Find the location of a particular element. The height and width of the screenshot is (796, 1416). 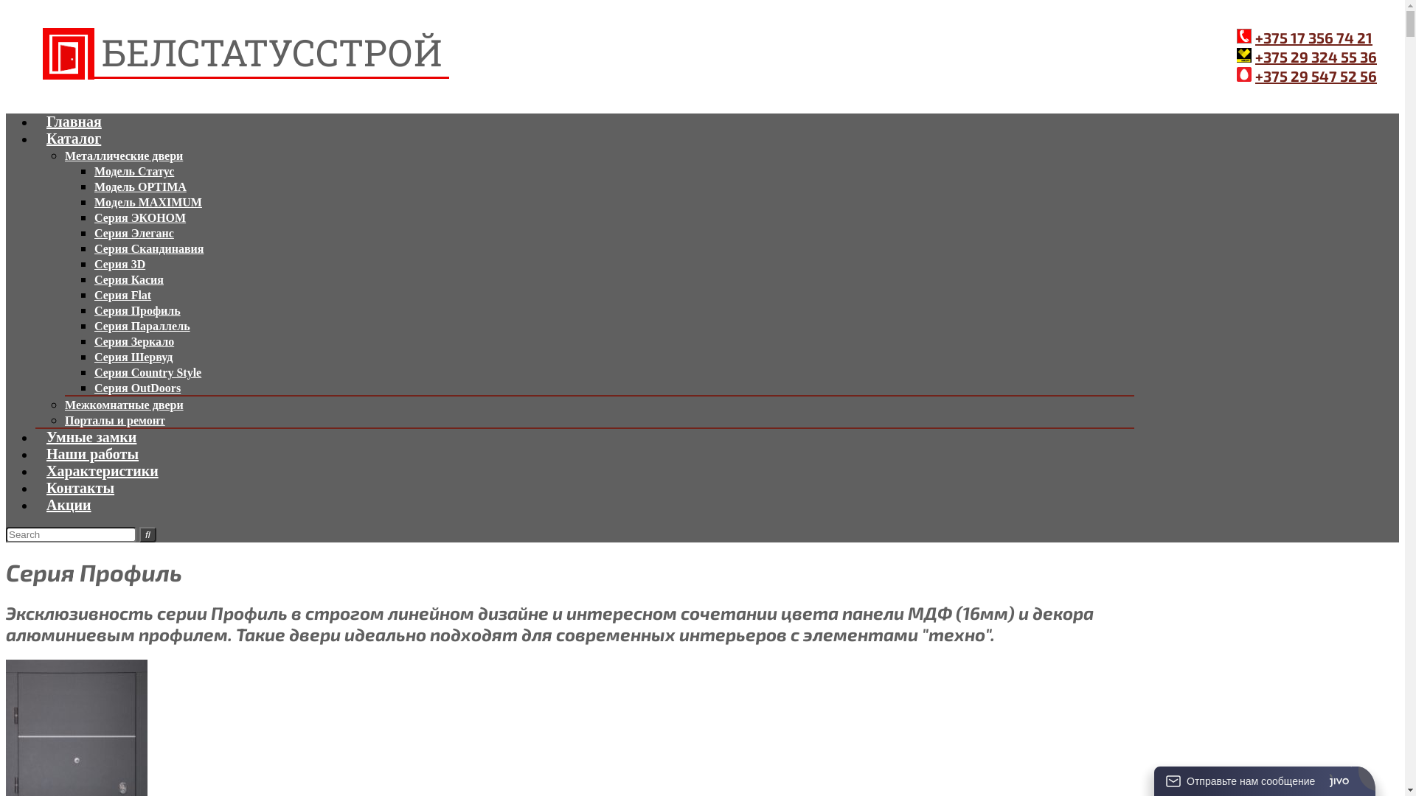

'+375 17 356 74 21' is located at coordinates (1254, 36).